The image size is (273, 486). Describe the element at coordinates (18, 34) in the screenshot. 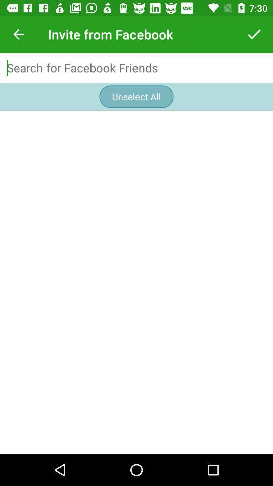

I see `the icon next to invite from facebook item` at that location.